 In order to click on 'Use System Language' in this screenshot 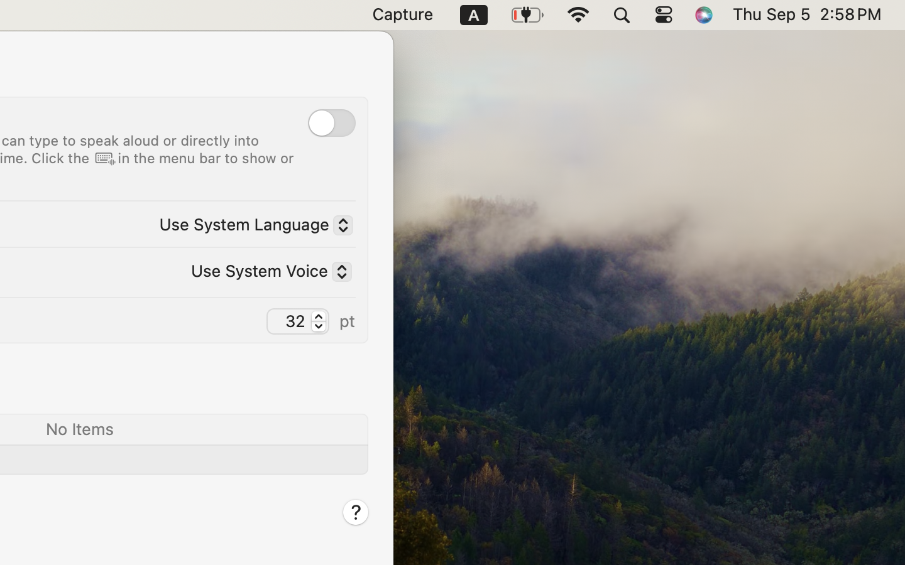, I will do `click(250, 226)`.